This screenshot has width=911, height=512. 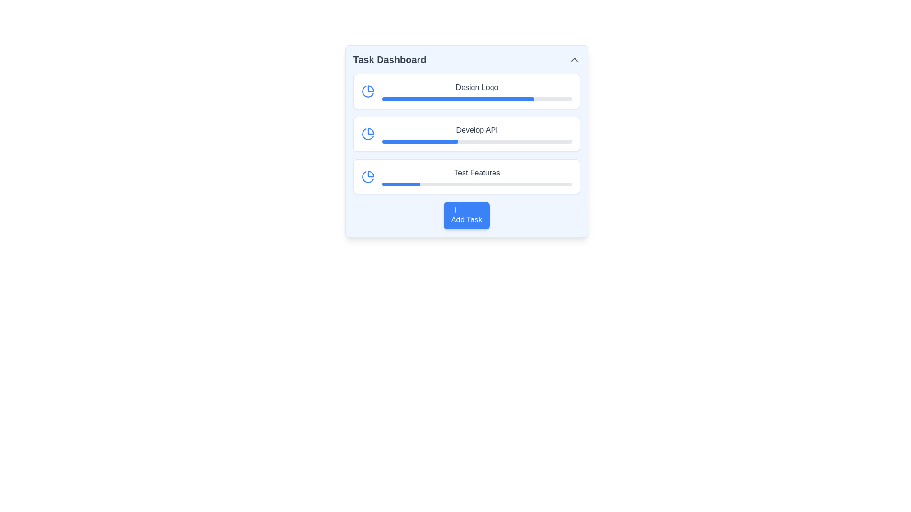 I want to click on the non-interactive progress bar that visually represents the completion percentage of the task 'Design Logo', located beneath the text label 'Design Logo', so click(x=477, y=99).